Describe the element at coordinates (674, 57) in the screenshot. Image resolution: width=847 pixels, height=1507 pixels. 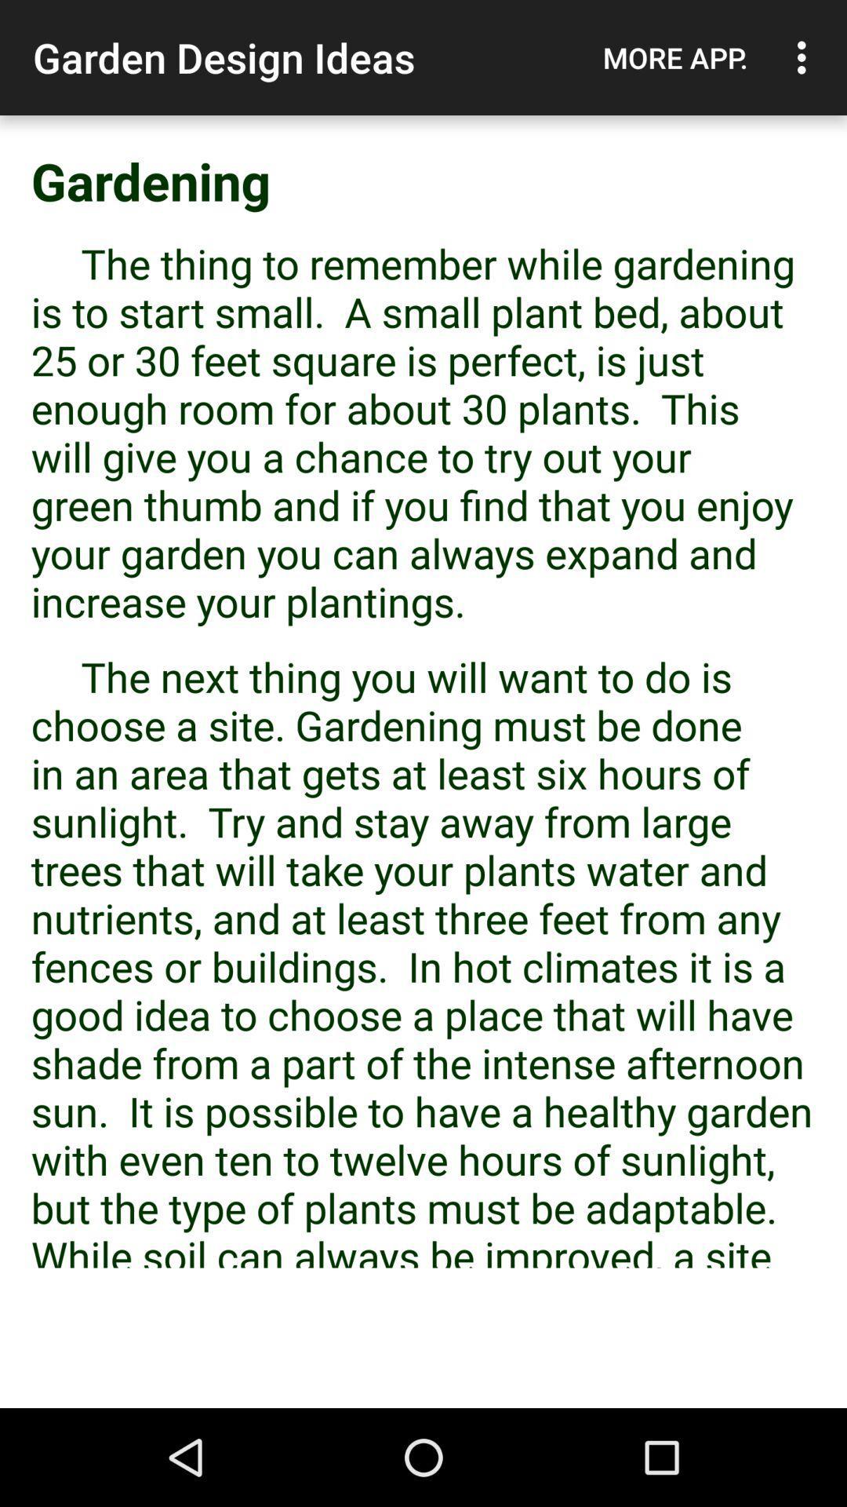
I see `the more app. item` at that location.